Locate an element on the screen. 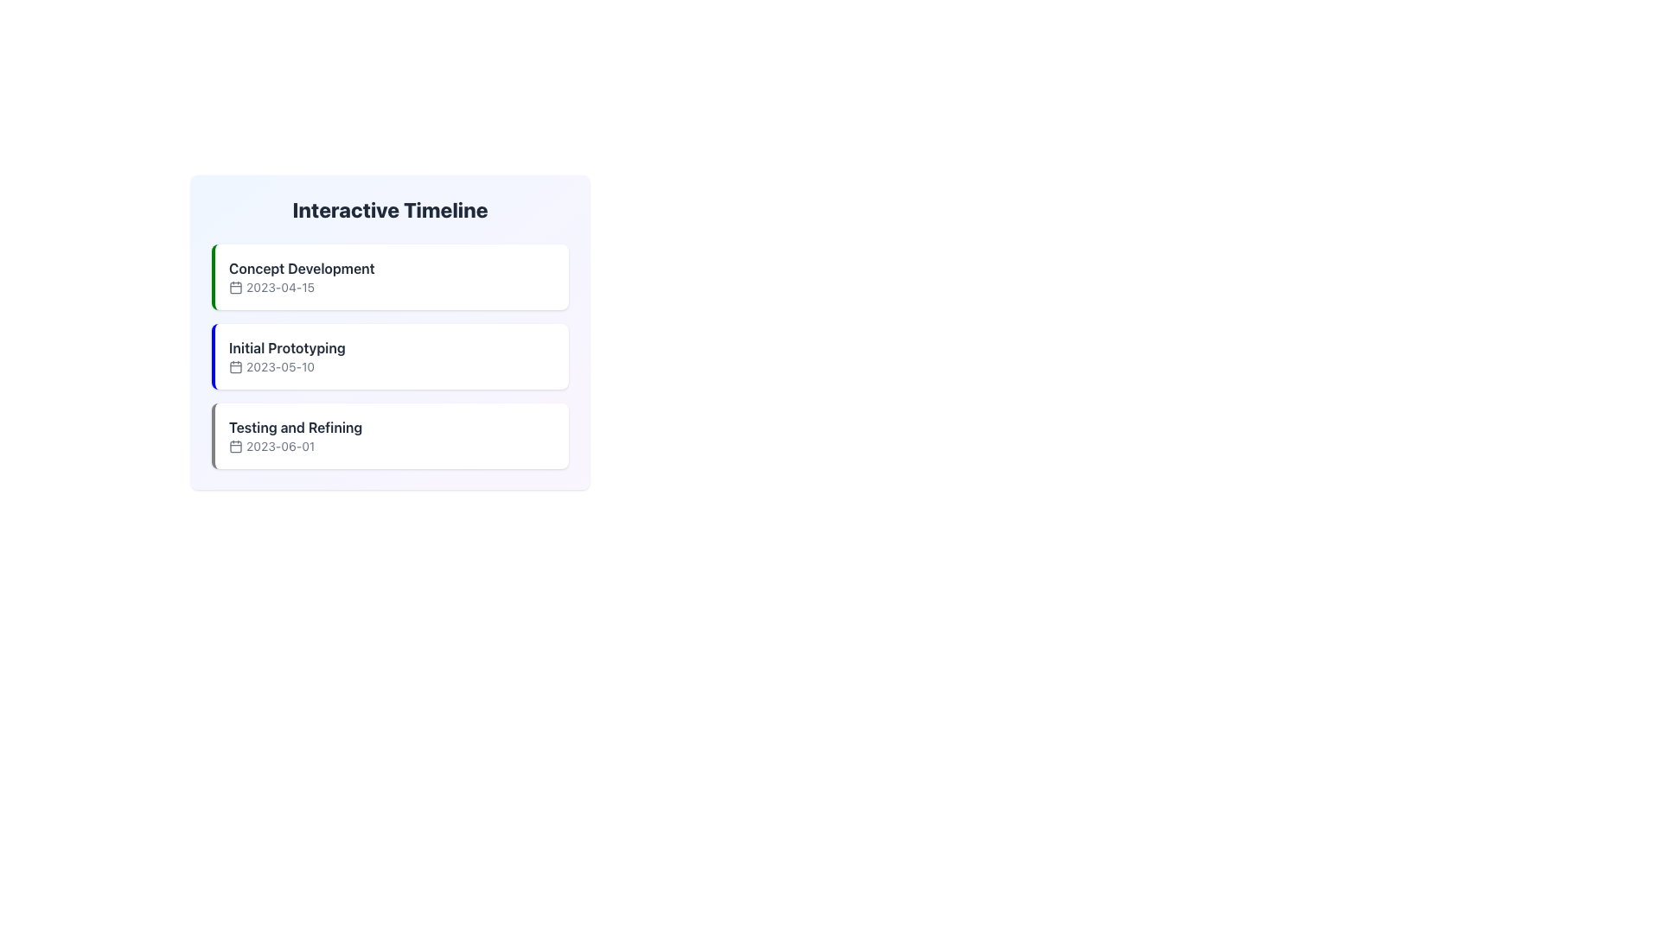  the calendar icon located to the left of the date '2023-04-15' in the 'Concept Development' section of the timeline is located at coordinates (235, 286).